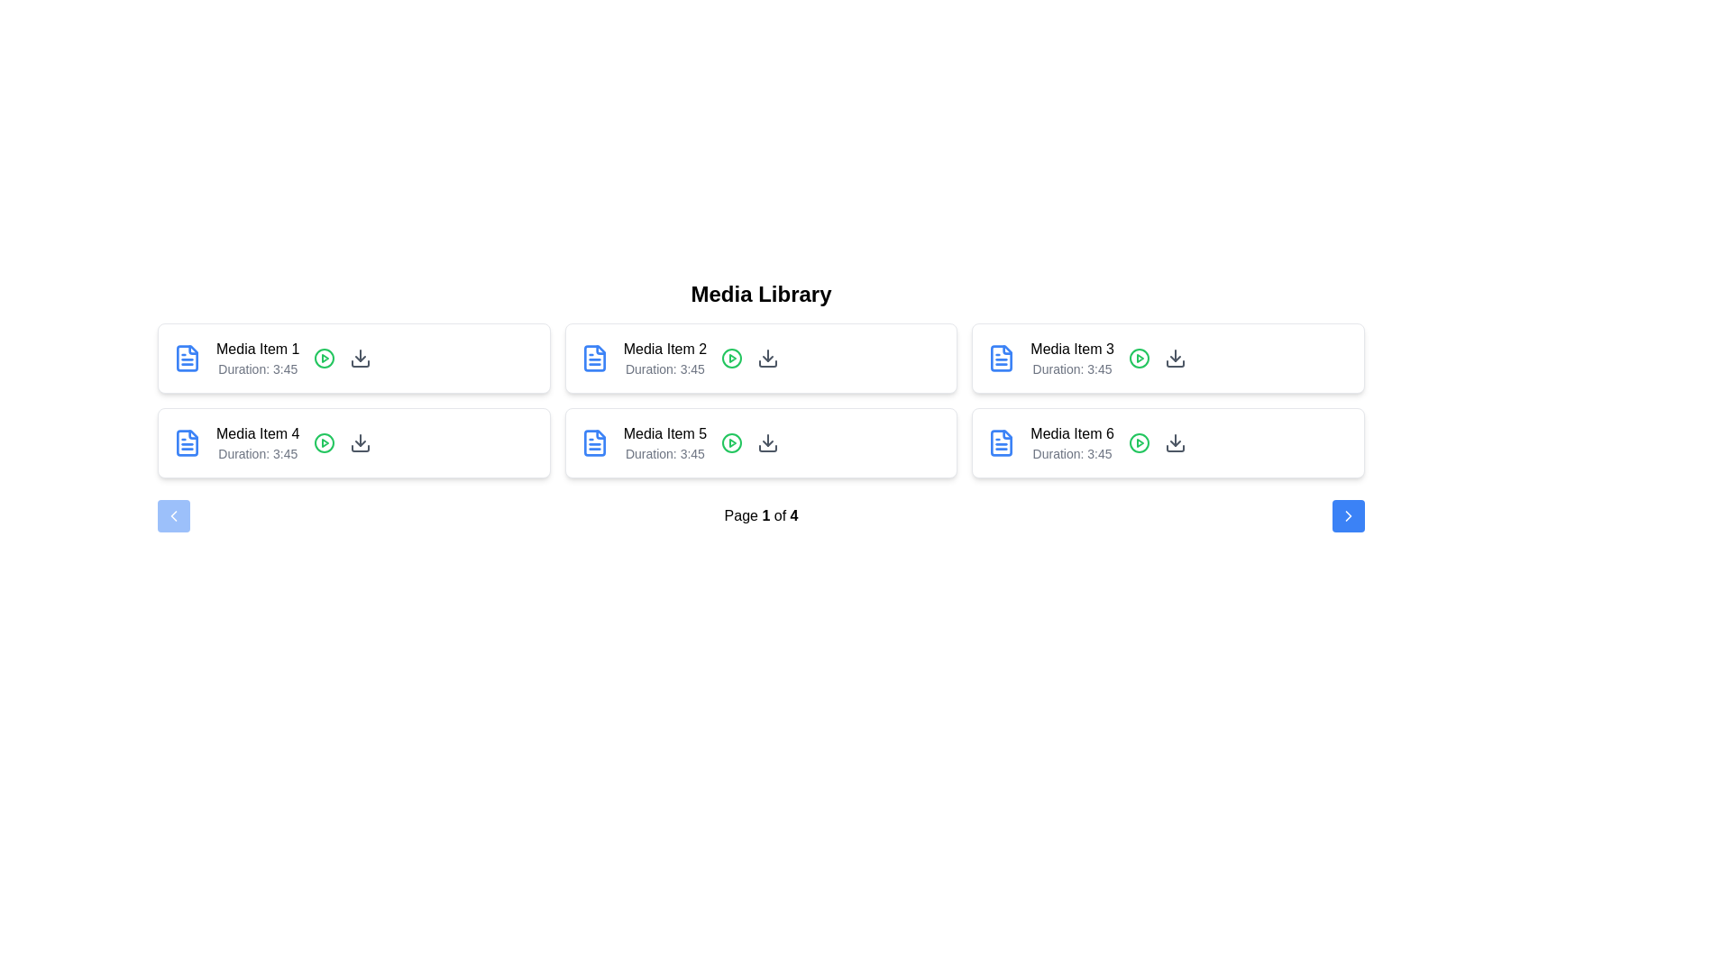 The image size is (1731, 973). Describe the element at coordinates (1175, 443) in the screenshot. I see `the download icon located` at that location.